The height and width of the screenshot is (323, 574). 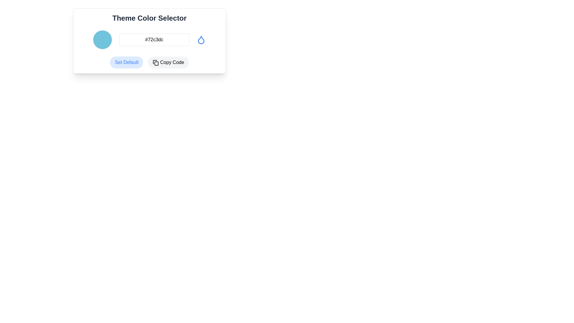 What do you see at coordinates (154, 39) in the screenshot?
I see `the single-line text input field displaying a hex color code value` at bounding box center [154, 39].